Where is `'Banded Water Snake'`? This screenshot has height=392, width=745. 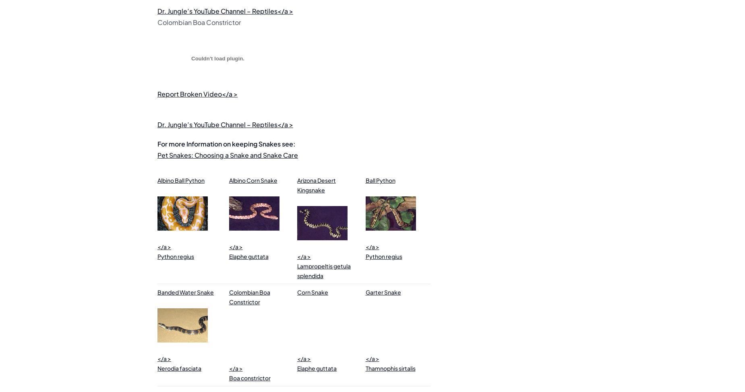
'Banded Water Snake' is located at coordinates (185, 292).